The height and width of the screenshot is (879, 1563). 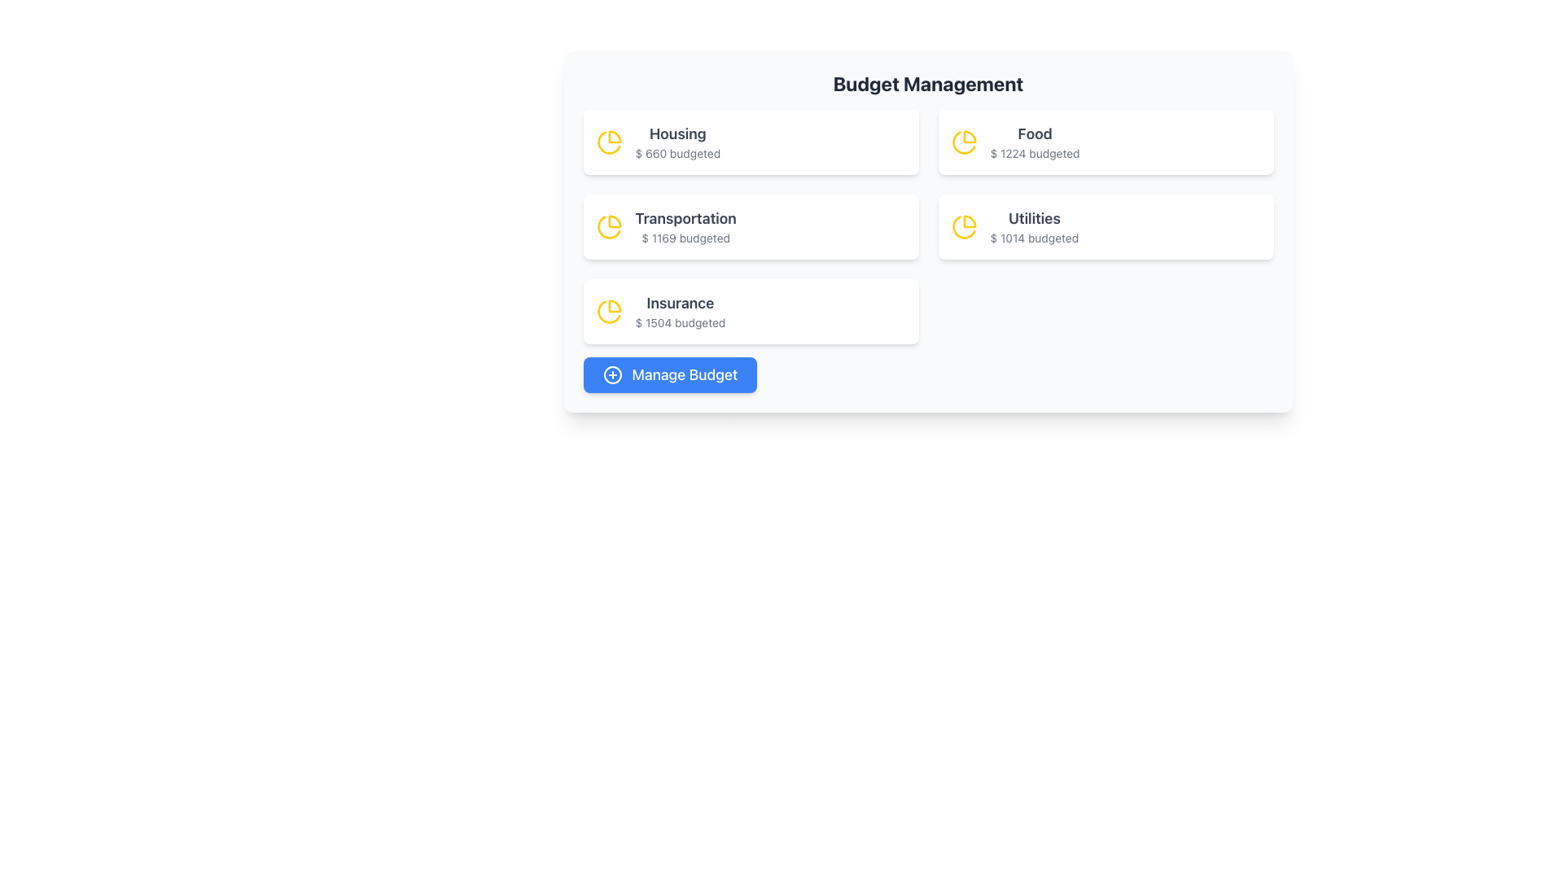 I want to click on the 'Insurance' text block that displays budget information, located in the bottom-left card of the 'Budget Management' section, below 'Transportation' and to the left of 'Utilities', so click(x=680, y=311).